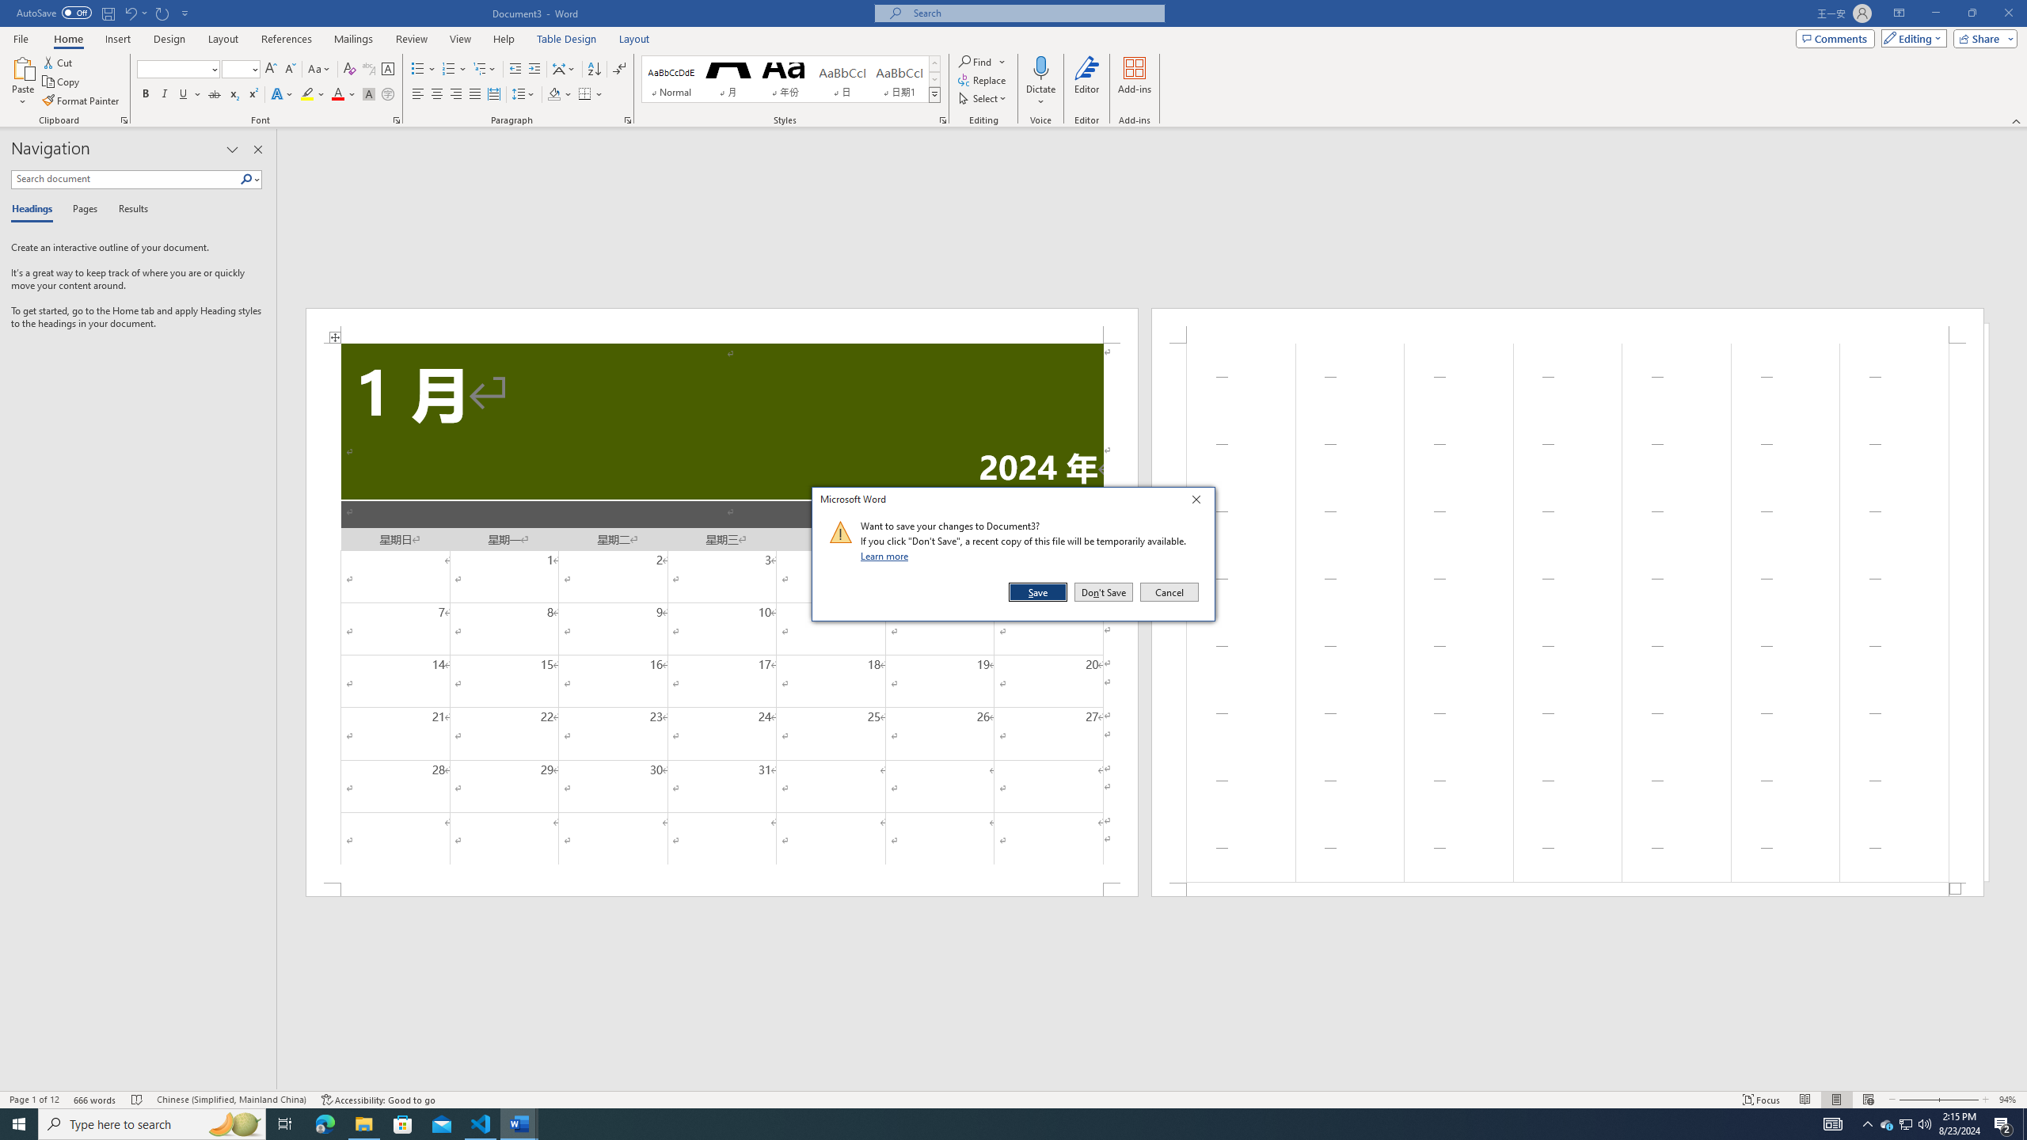 This screenshot has width=2027, height=1140. What do you see at coordinates (313, 93) in the screenshot?
I see `'Text Highlight Color'` at bounding box center [313, 93].